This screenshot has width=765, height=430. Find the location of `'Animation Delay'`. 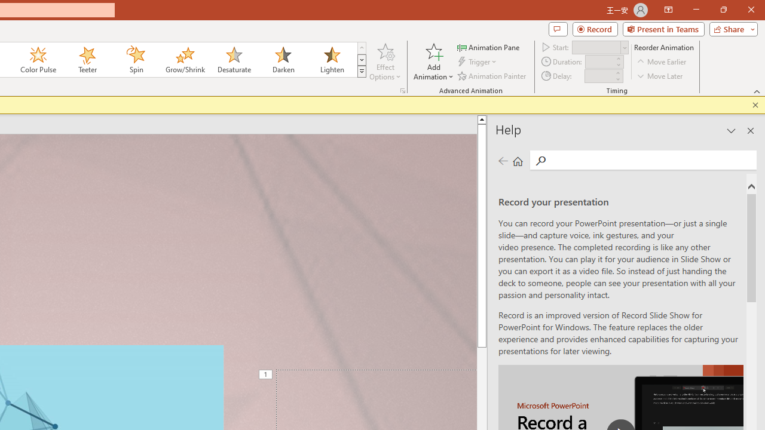

'Animation Delay' is located at coordinates (599, 76).